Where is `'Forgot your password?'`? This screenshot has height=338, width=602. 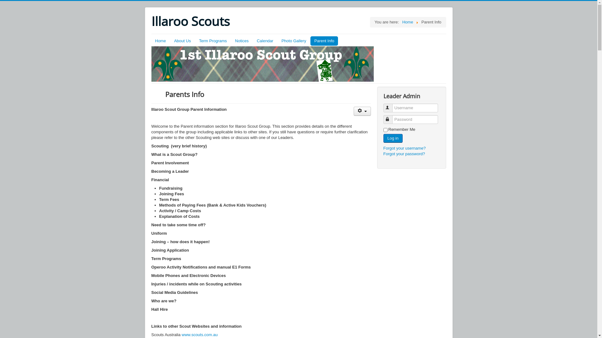
'Forgot your password?' is located at coordinates (404, 154).